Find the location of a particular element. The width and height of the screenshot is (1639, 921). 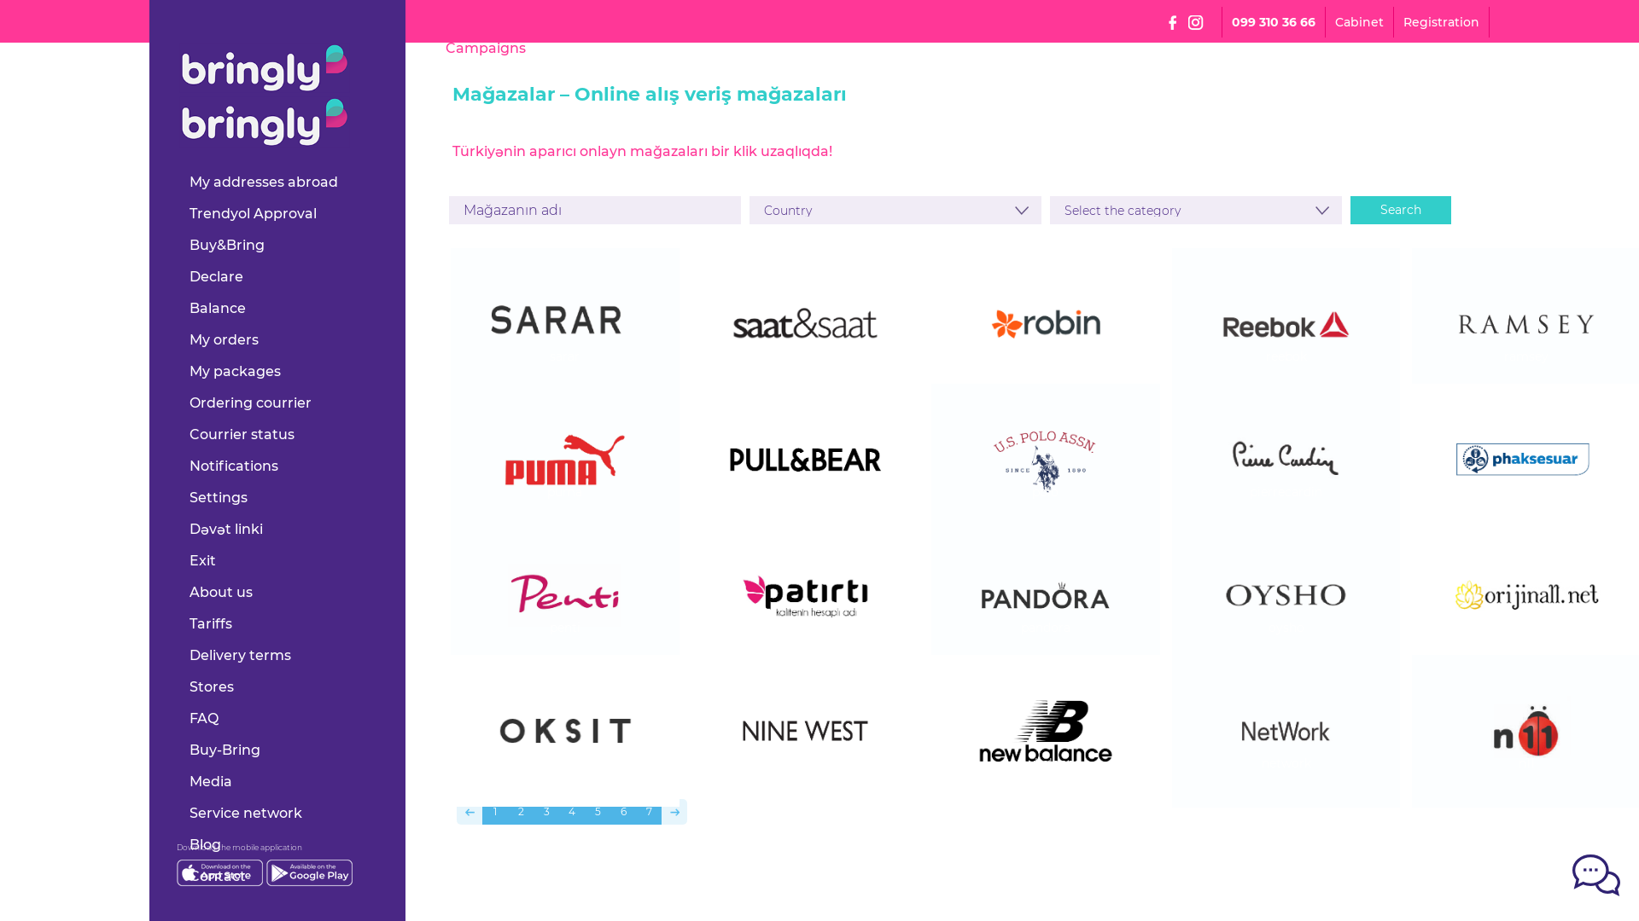

'puma' is located at coordinates (565, 492).